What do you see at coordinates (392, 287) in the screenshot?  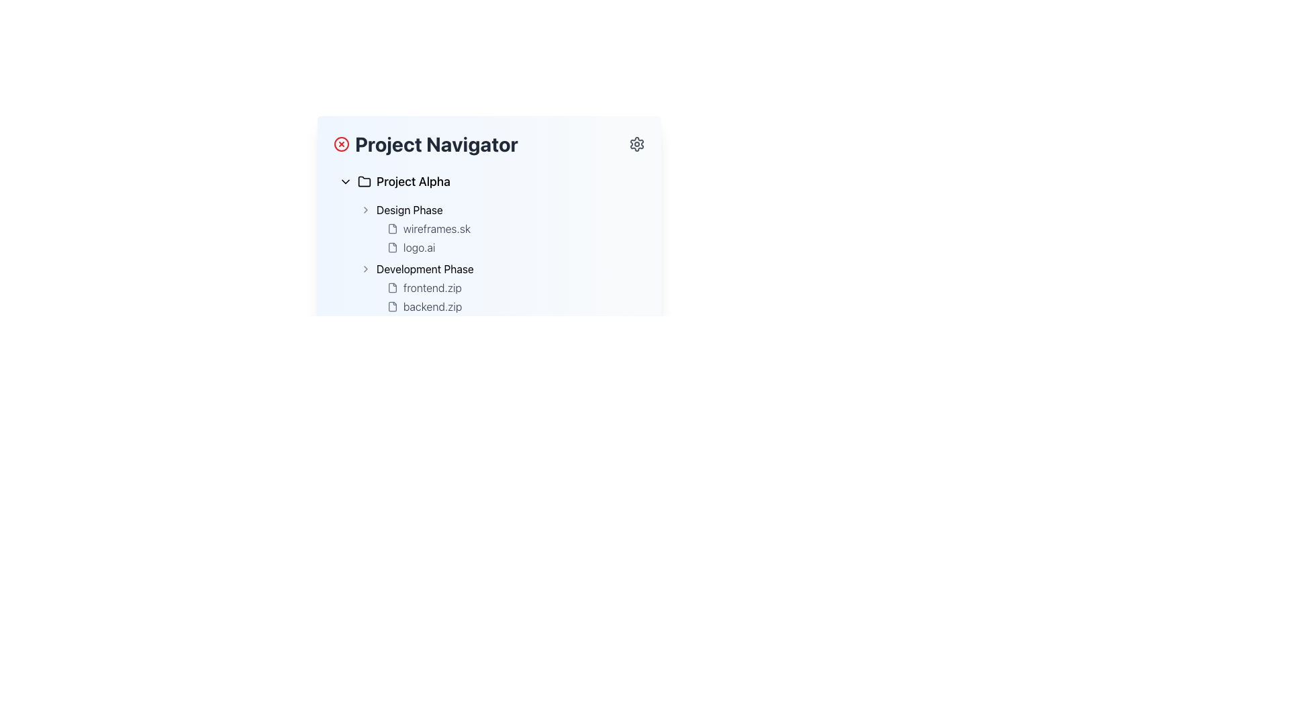 I see `the small file icon resembling a document located to the left of the text 'frontend.zip' under the 'Development Phase'` at bounding box center [392, 287].